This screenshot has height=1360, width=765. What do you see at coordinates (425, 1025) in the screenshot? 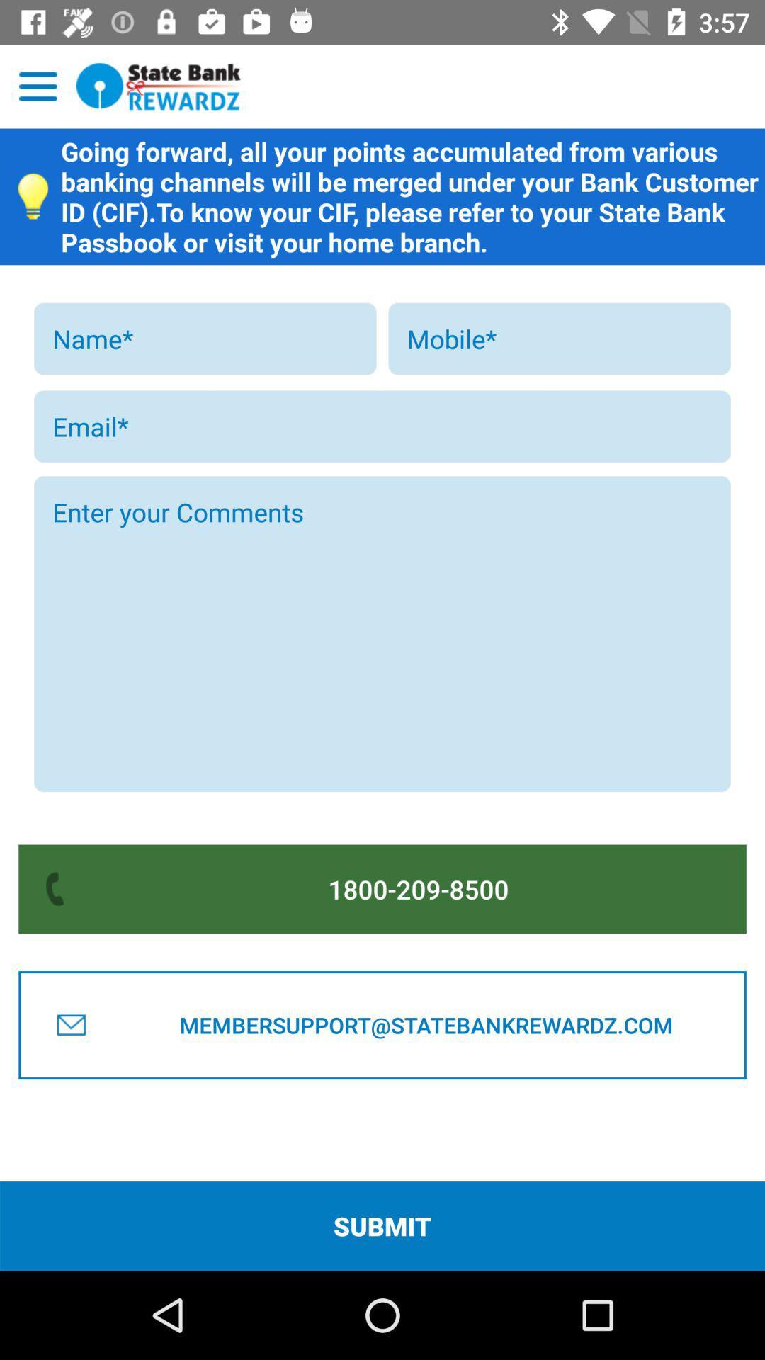
I see `the button below 1800-209-8500 item` at bounding box center [425, 1025].